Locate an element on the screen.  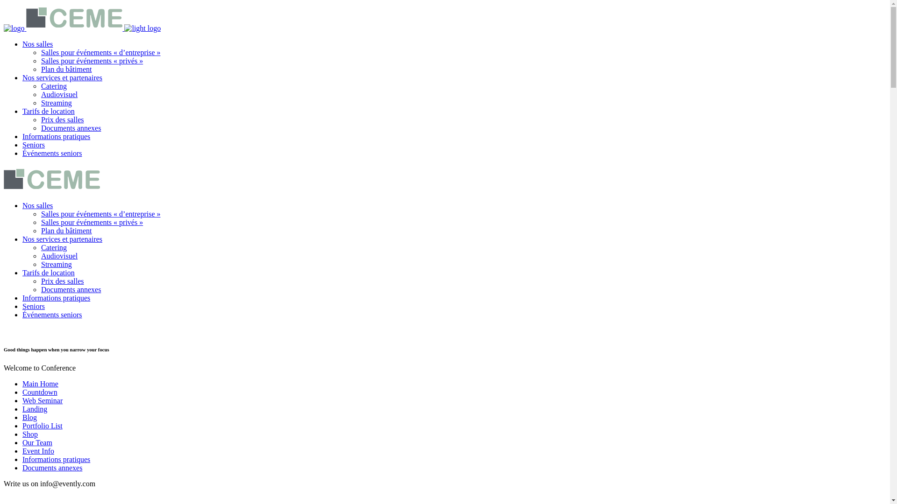
'Catering' is located at coordinates (53, 247).